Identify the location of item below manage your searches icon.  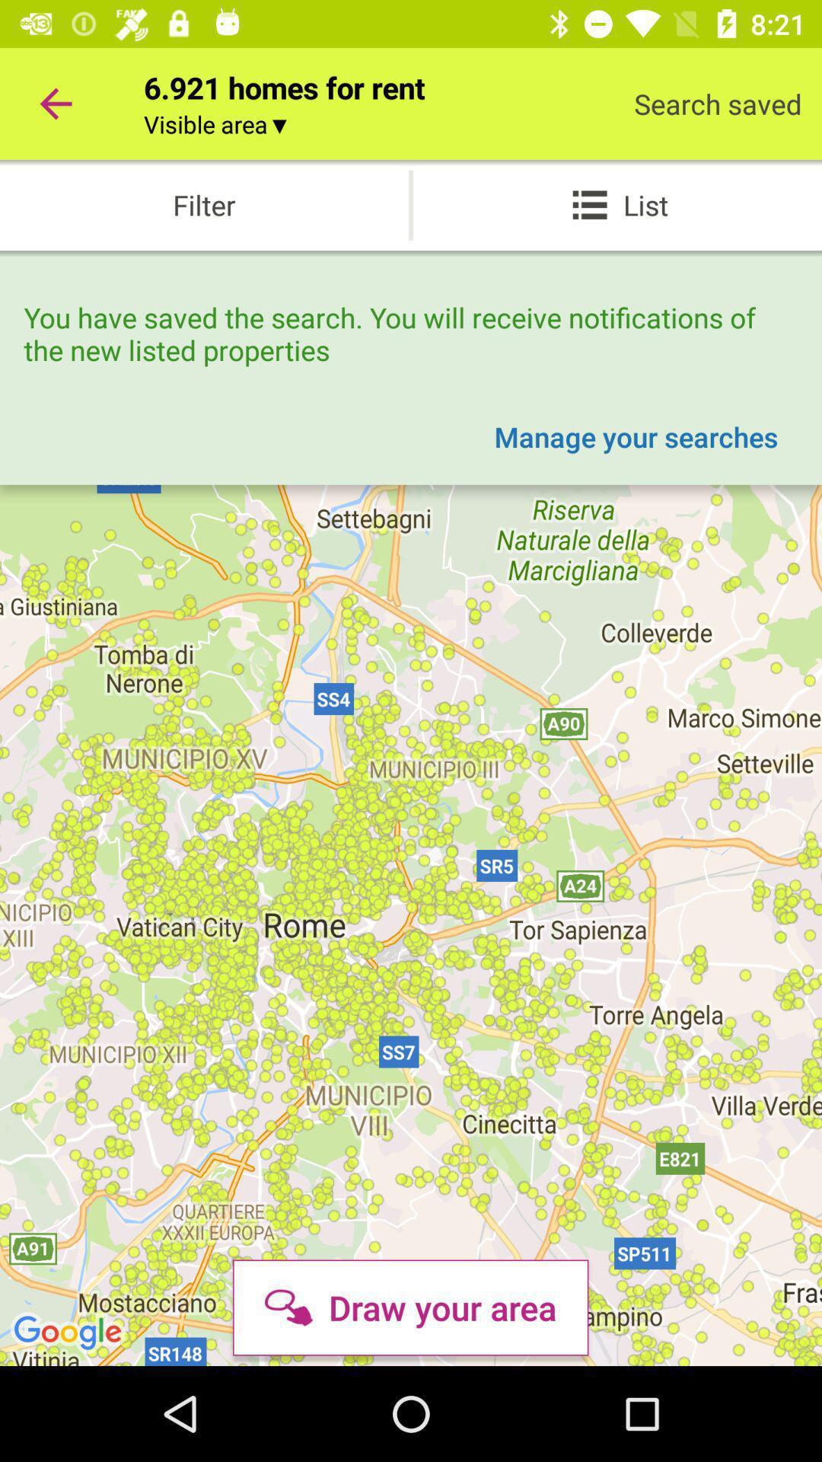
(409, 1307).